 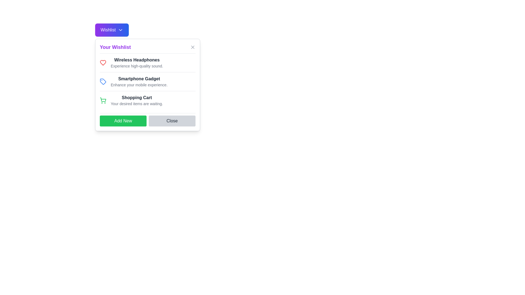 What do you see at coordinates (103, 82) in the screenshot?
I see `the graphical icon for the 'Smartphone Gadget' item in the list, which is located to the left of its text description` at bounding box center [103, 82].